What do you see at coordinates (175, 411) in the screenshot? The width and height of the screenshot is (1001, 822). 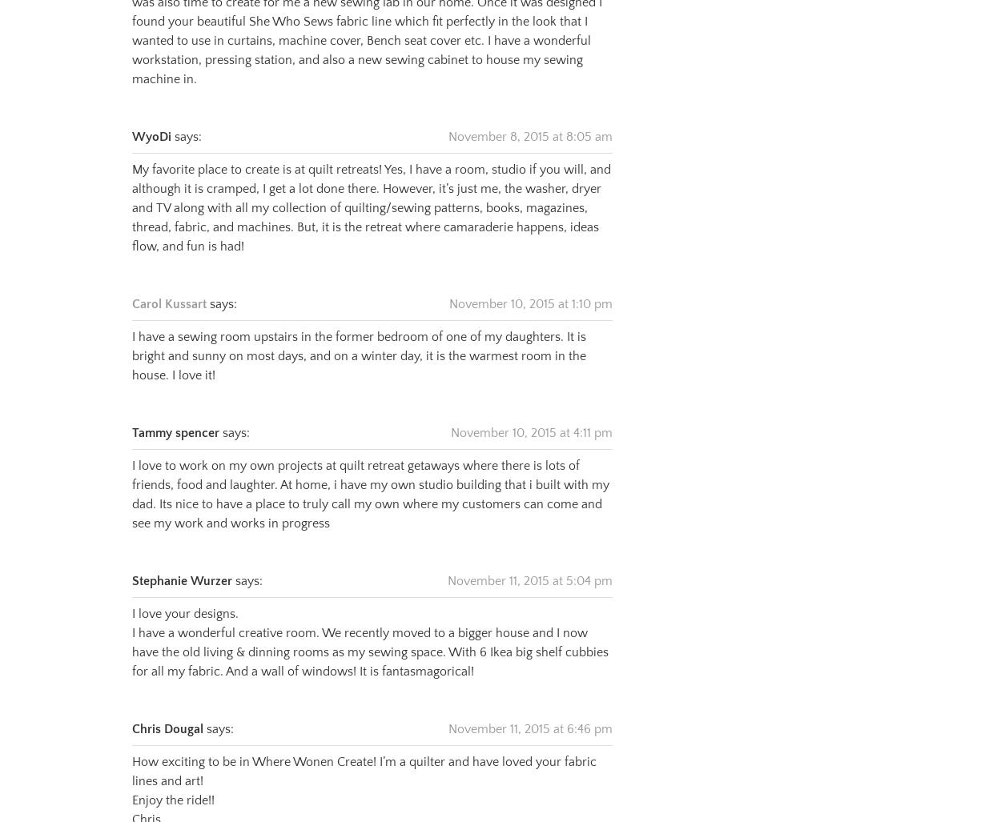 I see `'Tammy spencer'` at bounding box center [175, 411].